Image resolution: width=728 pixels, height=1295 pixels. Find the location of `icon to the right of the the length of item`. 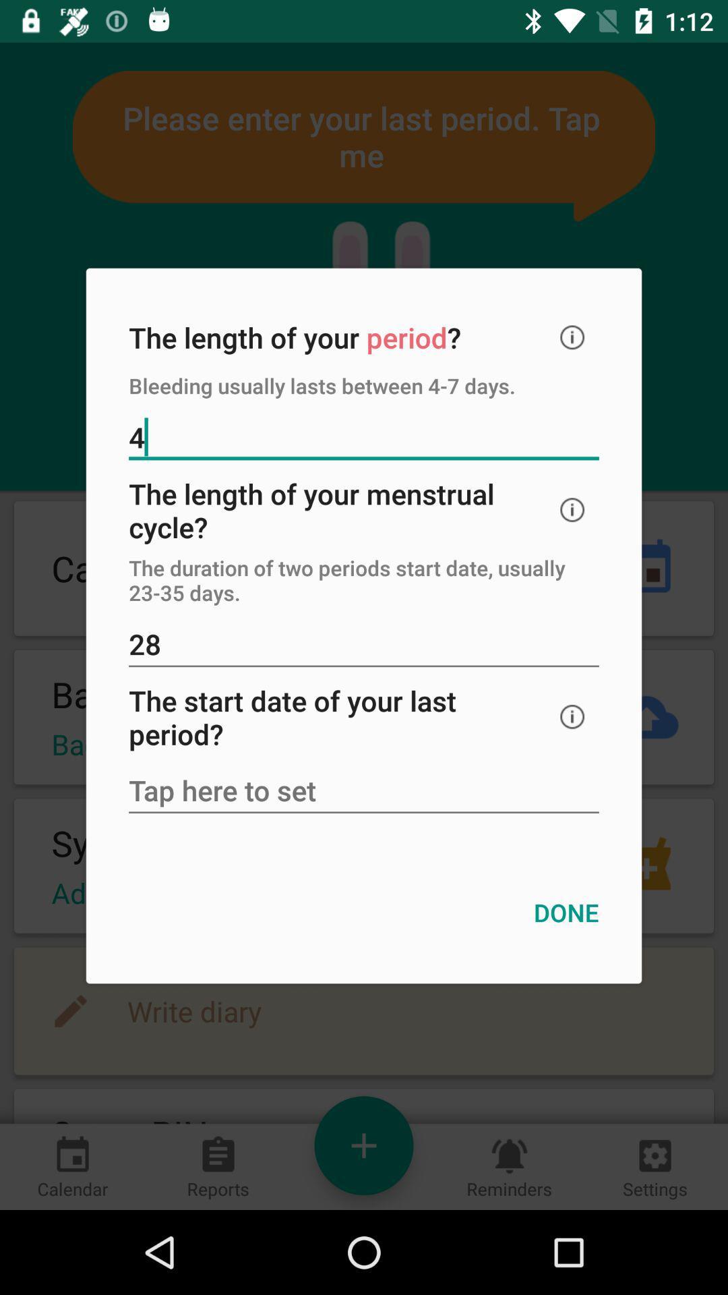

icon to the right of the the length of item is located at coordinates (572, 337).